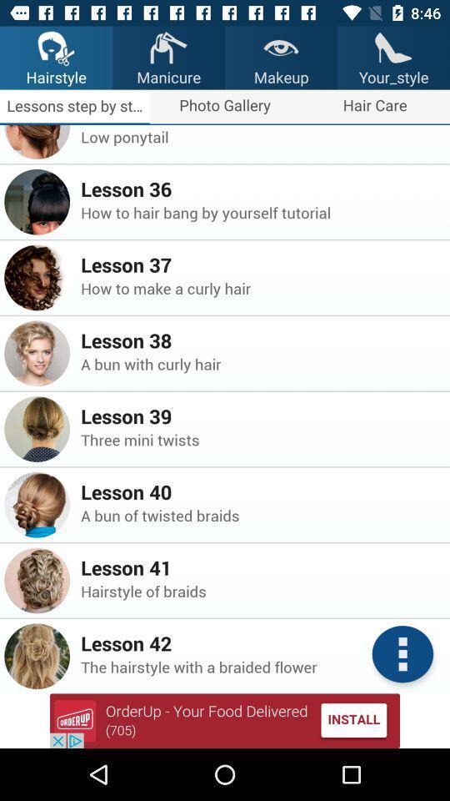  I want to click on see more options, so click(402, 654).